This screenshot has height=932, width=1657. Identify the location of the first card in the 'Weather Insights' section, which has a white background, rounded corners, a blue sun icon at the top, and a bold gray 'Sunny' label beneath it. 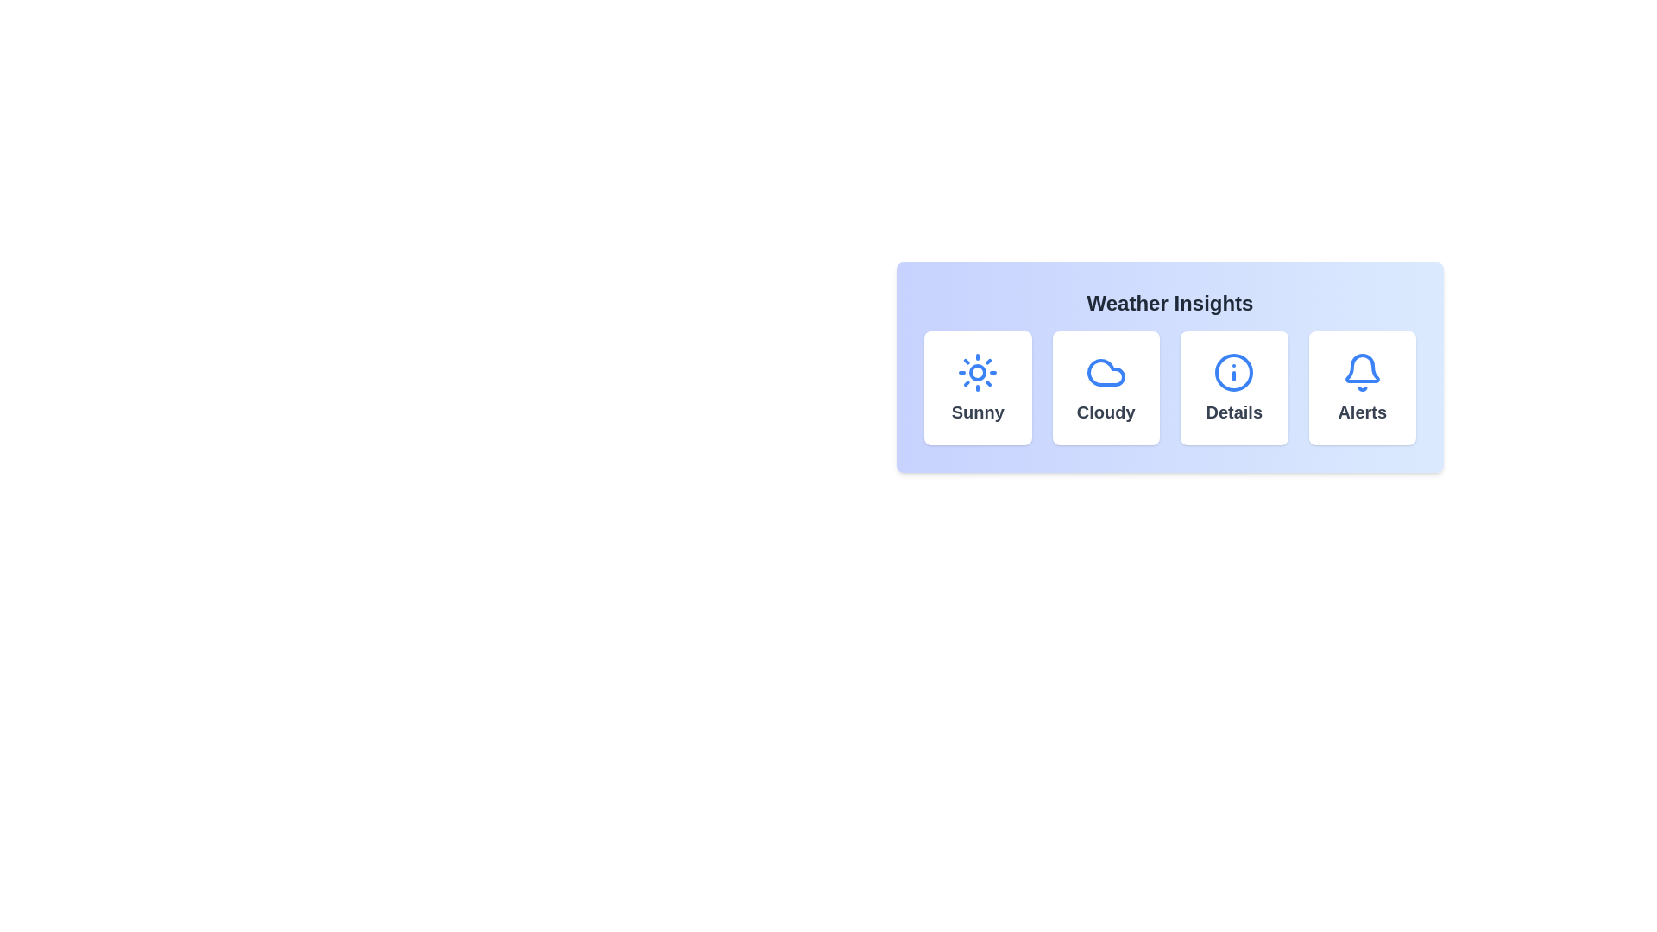
(978, 388).